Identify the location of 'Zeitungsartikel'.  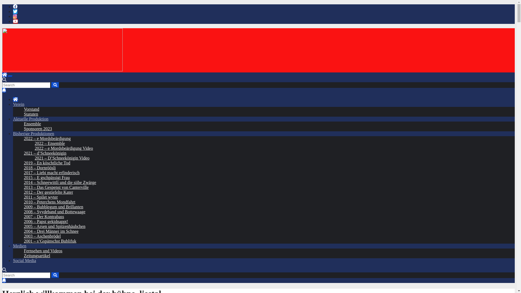
(37, 256).